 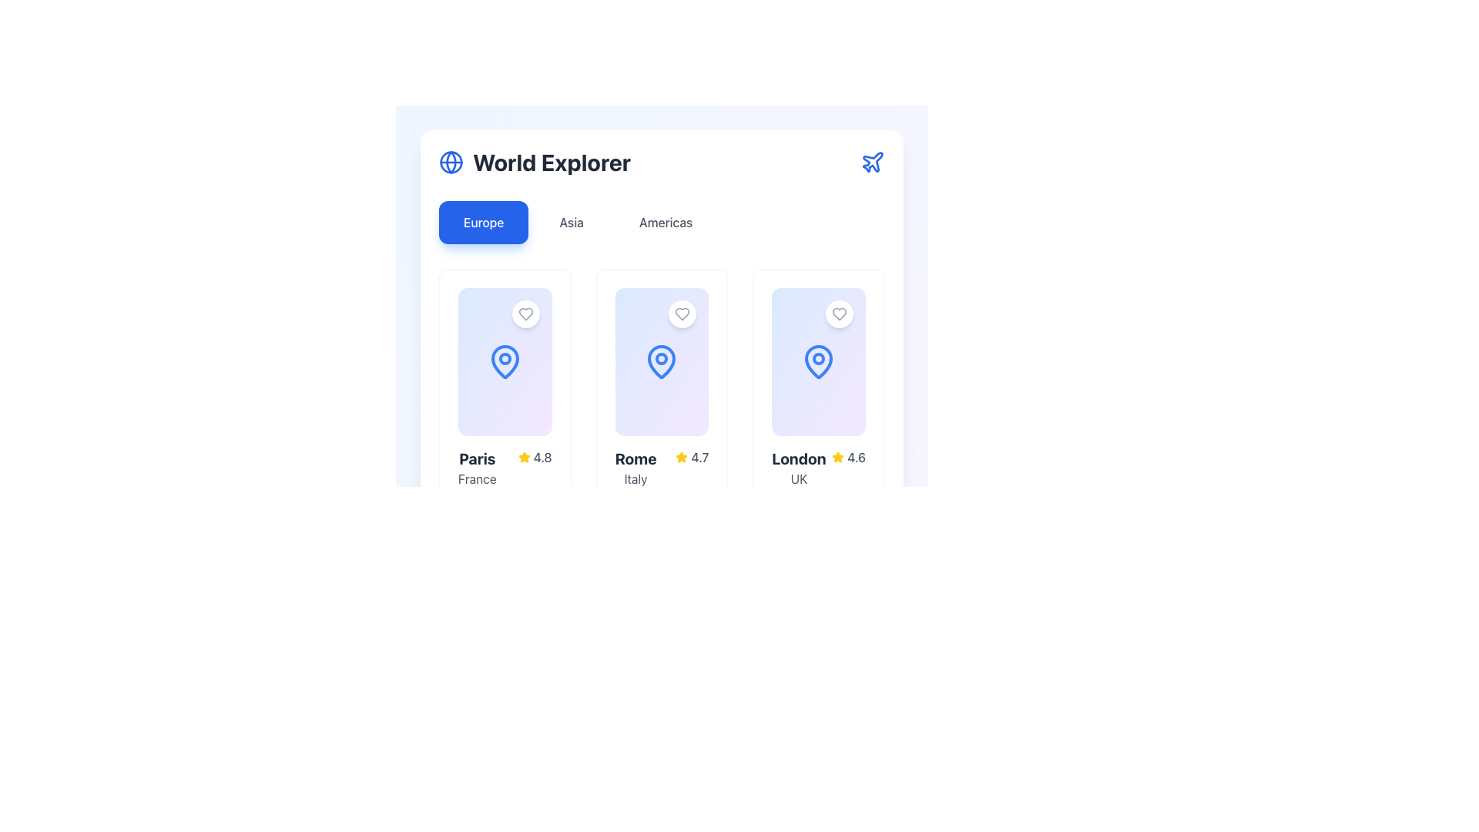 I want to click on the Icon depicting a globe located at the top-left area of the interface, aligned with the title text 'World Explorer', so click(x=450, y=163).